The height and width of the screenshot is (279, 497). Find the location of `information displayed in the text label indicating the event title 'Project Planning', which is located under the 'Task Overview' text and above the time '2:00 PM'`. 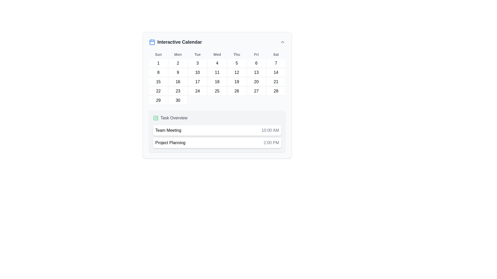

information displayed in the text label indicating the event title 'Project Planning', which is located under the 'Task Overview' text and above the time '2:00 PM' is located at coordinates (170, 143).